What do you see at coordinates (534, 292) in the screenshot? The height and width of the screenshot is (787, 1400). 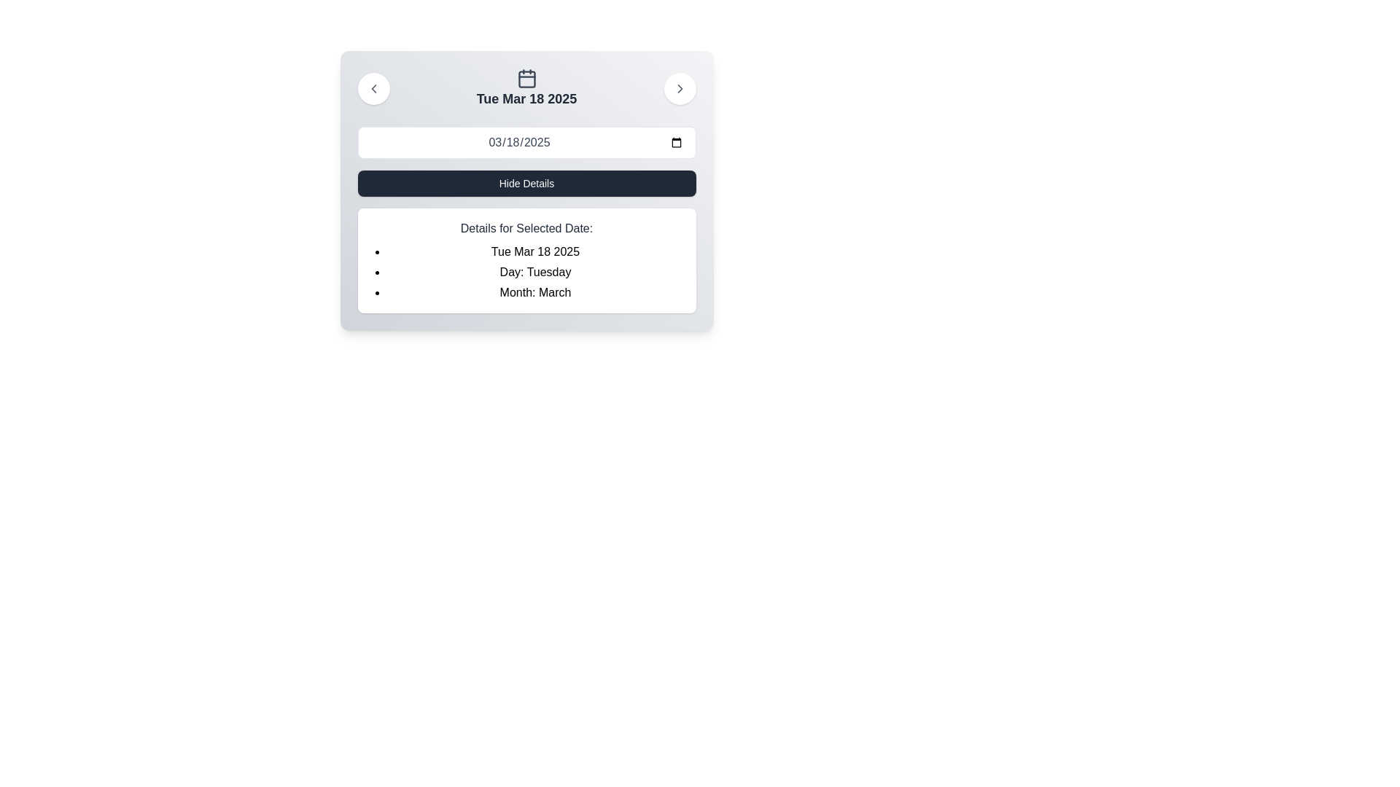 I see `the static text label displaying the month associated with the selected date, located centrally beneath the 'Details for Selected Date:' title` at bounding box center [534, 292].